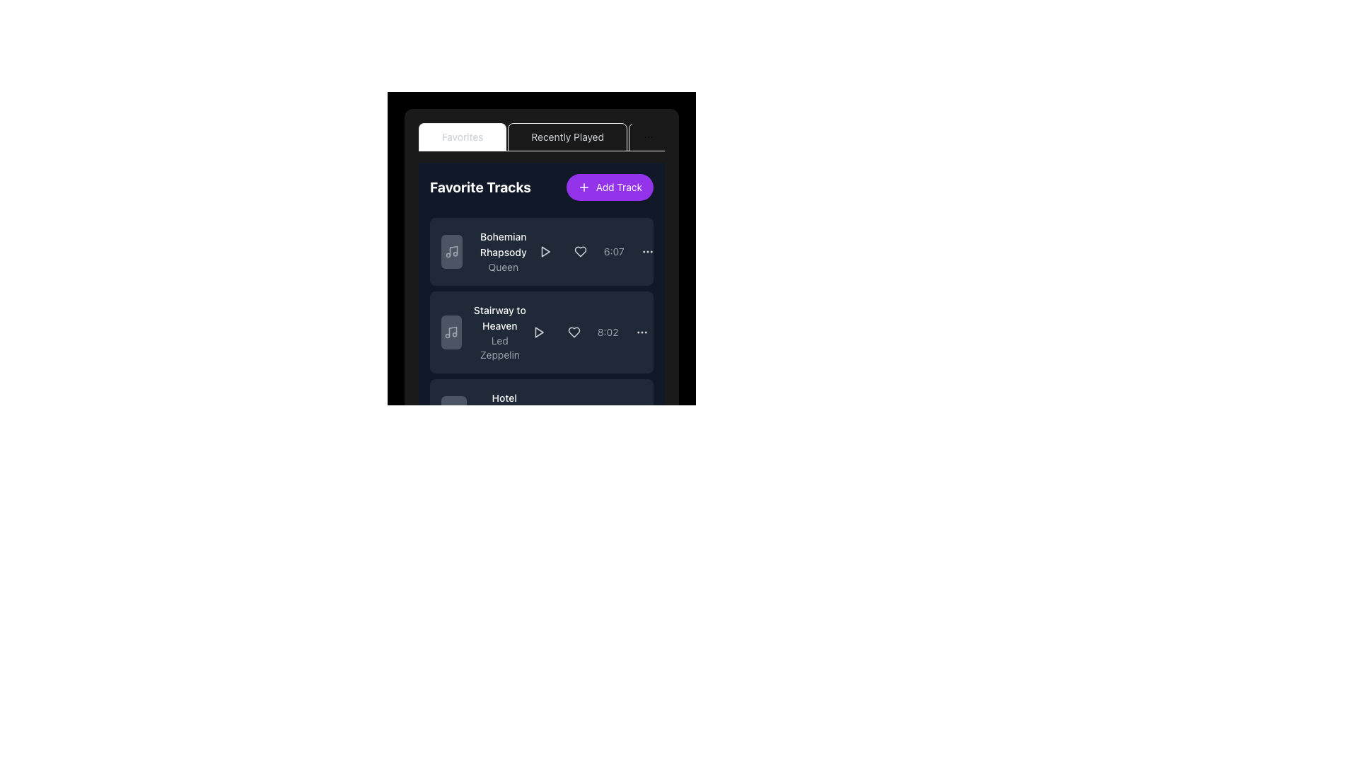  I want to click on the triangular-shaped play button pointing to the right, located in the second row of the 'Favorite Tracks' section to play the song, so click(538, 332).